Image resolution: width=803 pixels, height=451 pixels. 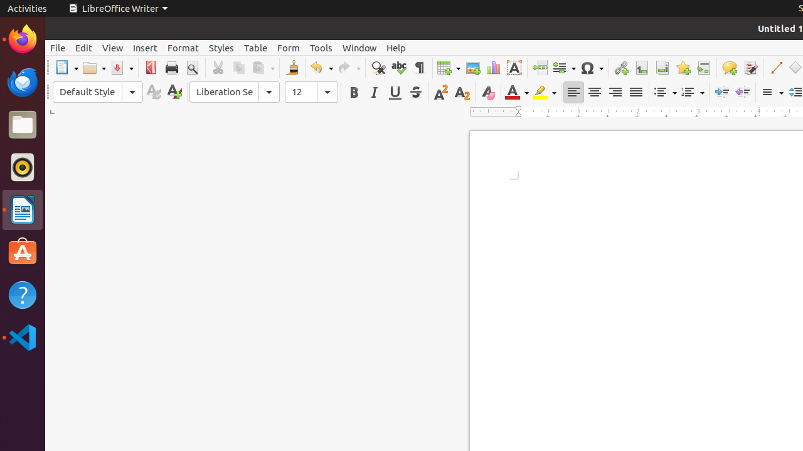 I want to click on 'Symbol', so click(x=590, y=68).